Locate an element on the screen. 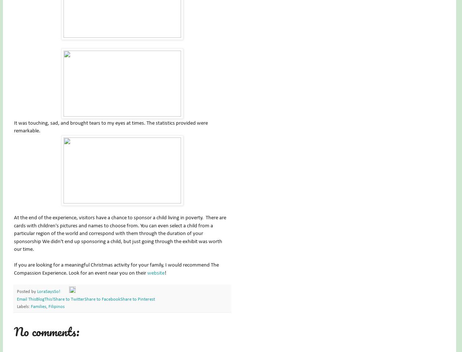  'At the end of the experience, visitors have a chance to sponsor a child living in poverty.  There are cards with children's pictures and names to choose from. You can even select a child from a particular region of the world and correspond with them through the duration of your sponsorship We didn't end up sponsoring a child, but just going through the exhibit was worth our time.' is located at coordinates (119, 233).